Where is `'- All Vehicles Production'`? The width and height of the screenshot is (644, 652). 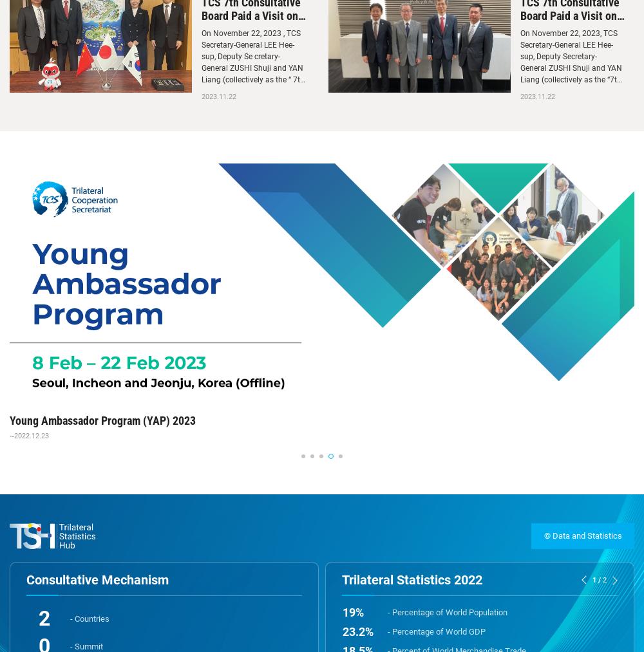 '- All Vehicles Production' is located at coordinates (431, 528).